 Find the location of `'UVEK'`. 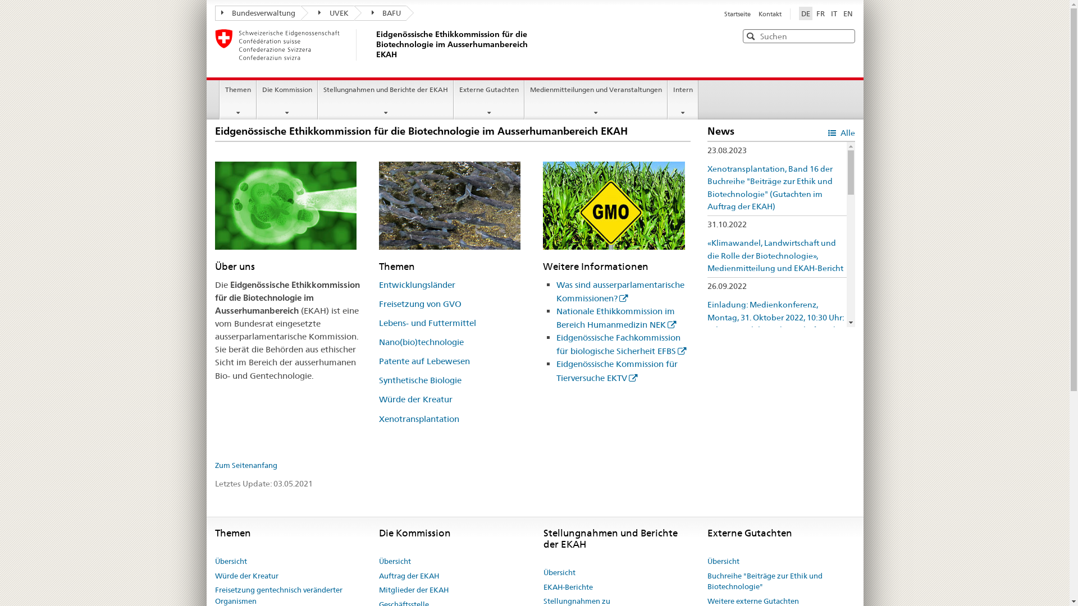

'UVEK' is located at coordinates (301, 13).